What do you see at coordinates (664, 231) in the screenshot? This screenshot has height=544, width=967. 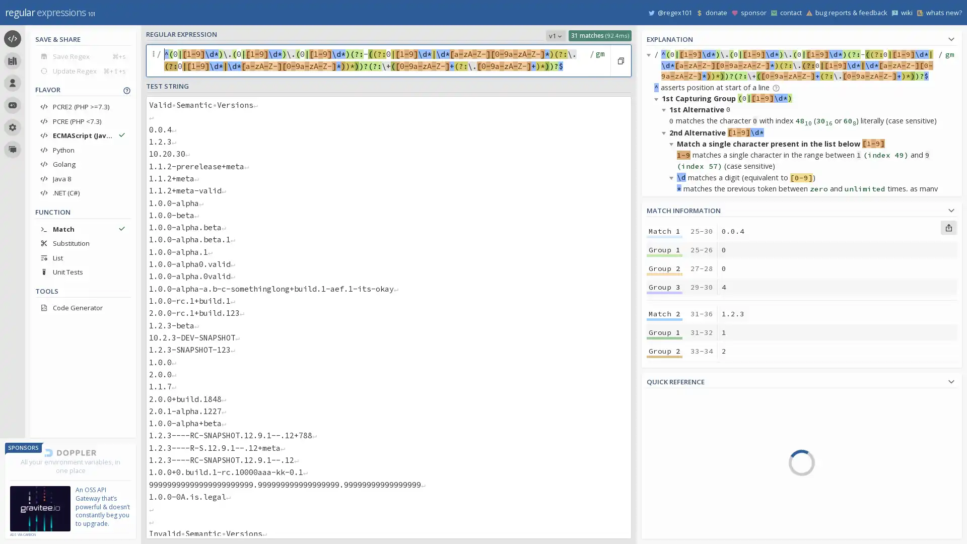 I see `Match 1` at bounding box center [664, 231].